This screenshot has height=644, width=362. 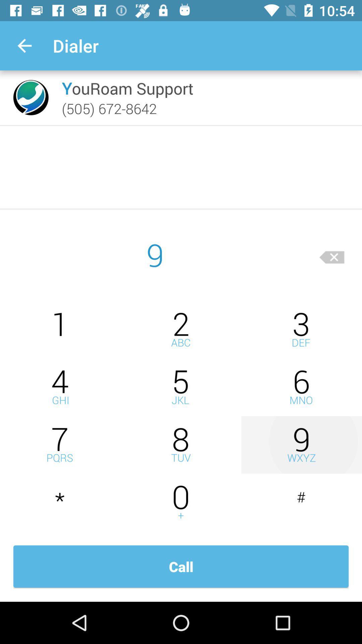 What do you see at coordinates (31, 97) in the screenshot?
I see `item to the left of youroam support` at bounding box center [31, 97].